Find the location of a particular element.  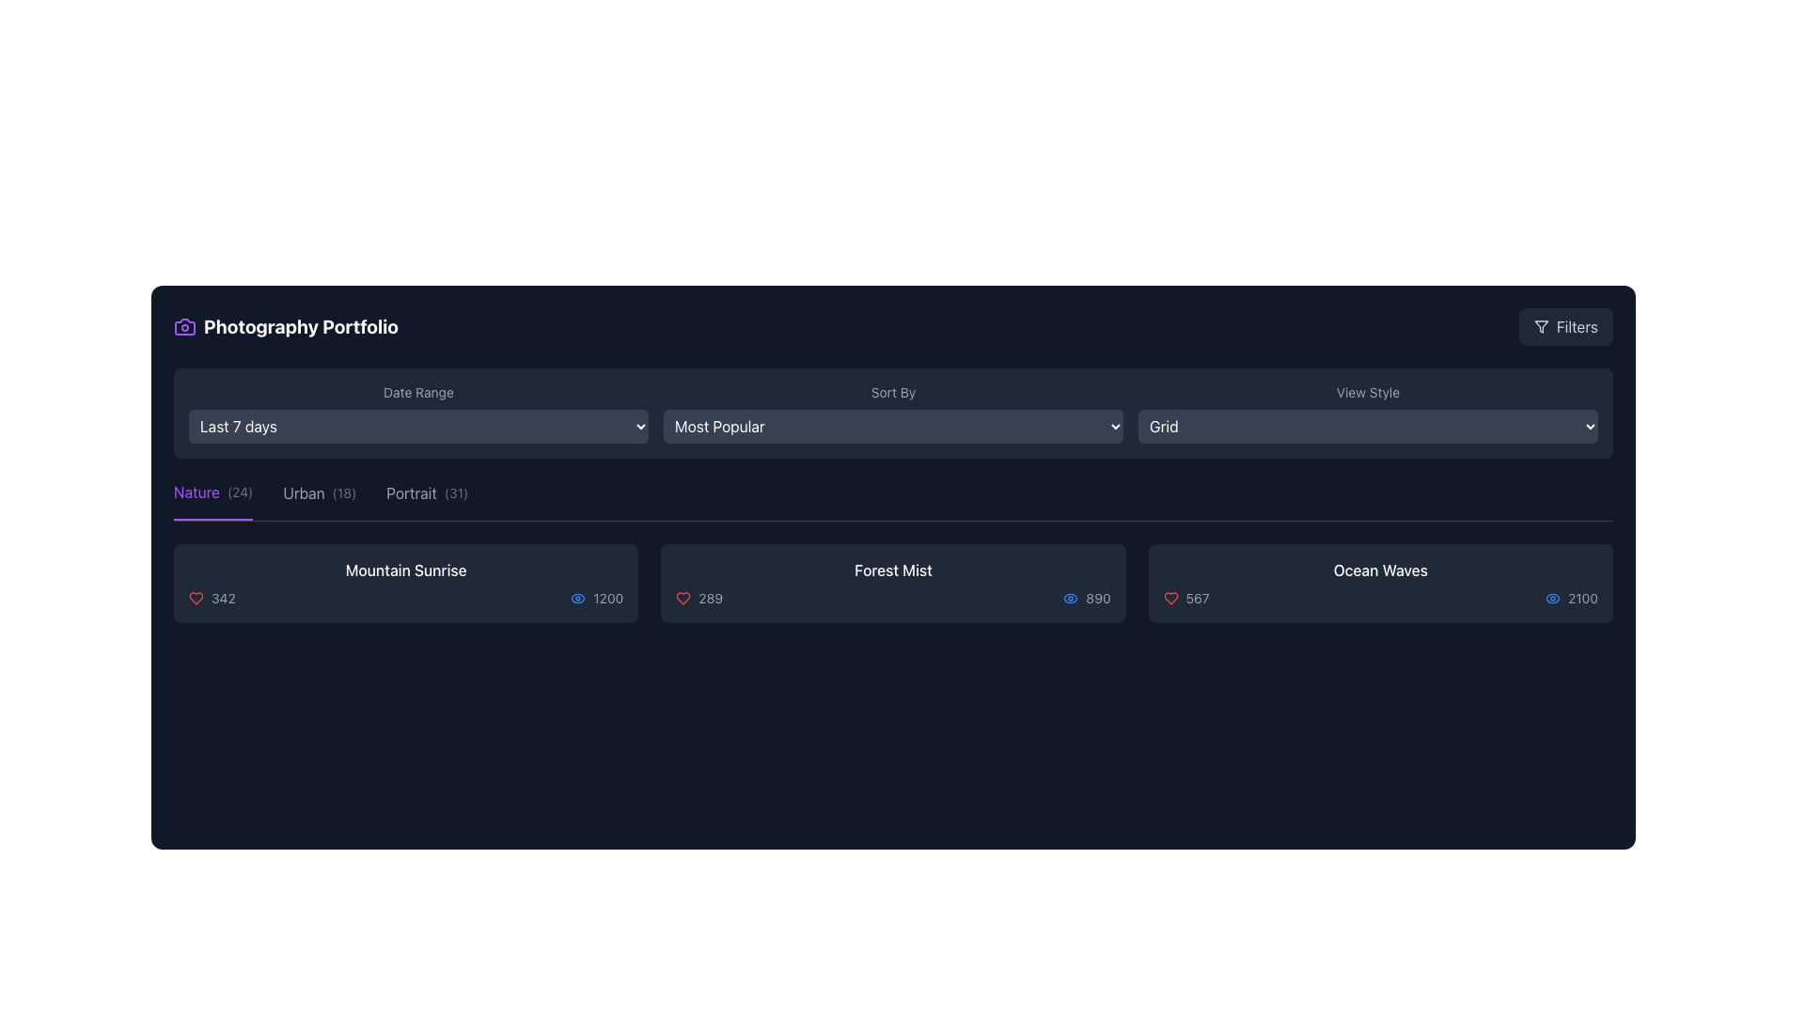

the text label descriptor located in the upper right section of the interface, which indicates the purpose of the dropdown menu for selecting the view style, above the 'Grid' dropdown is located at coordinates (1368, 391).